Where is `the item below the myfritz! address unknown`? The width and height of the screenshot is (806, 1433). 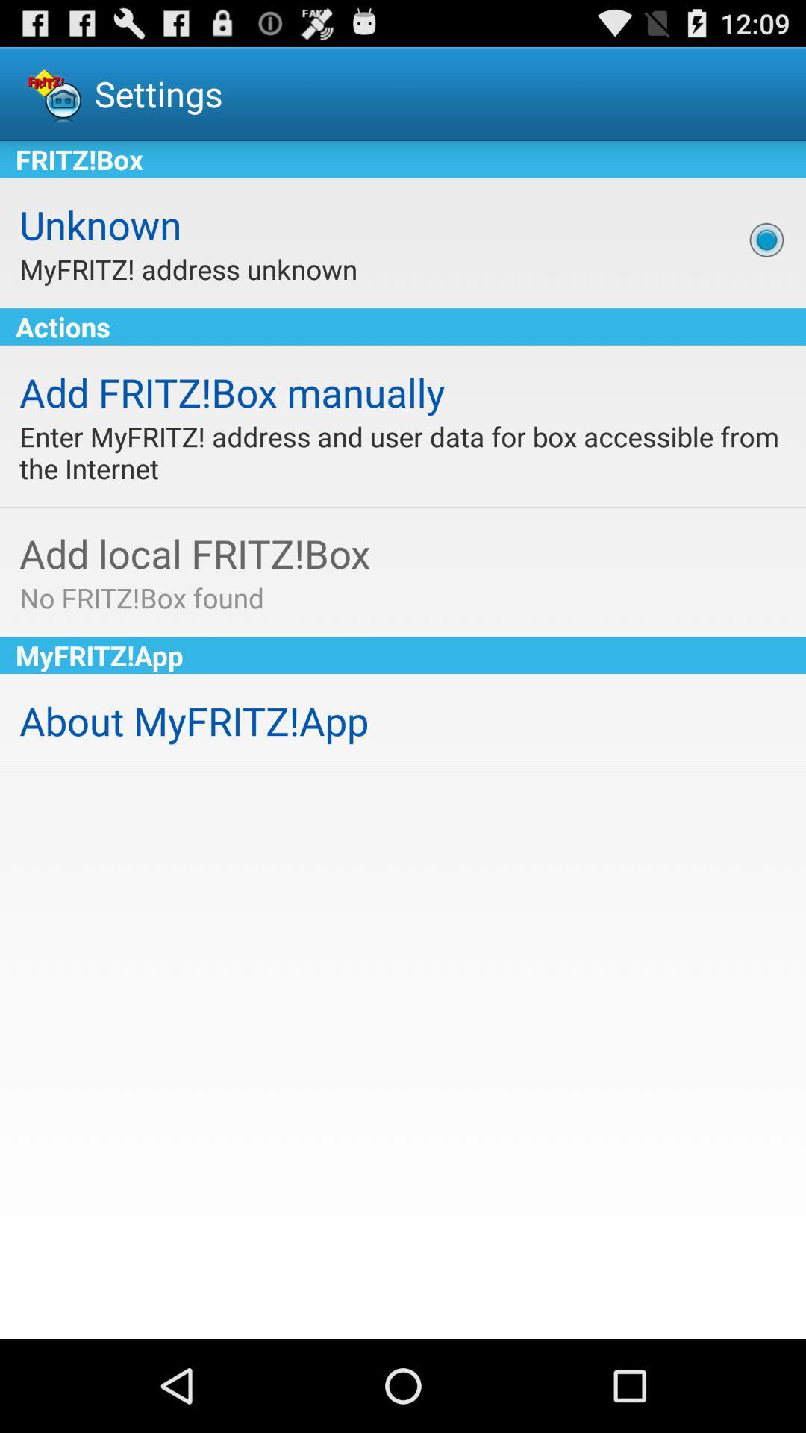 the item below the myfritz! address unknown is located at coordinates (403, 325).